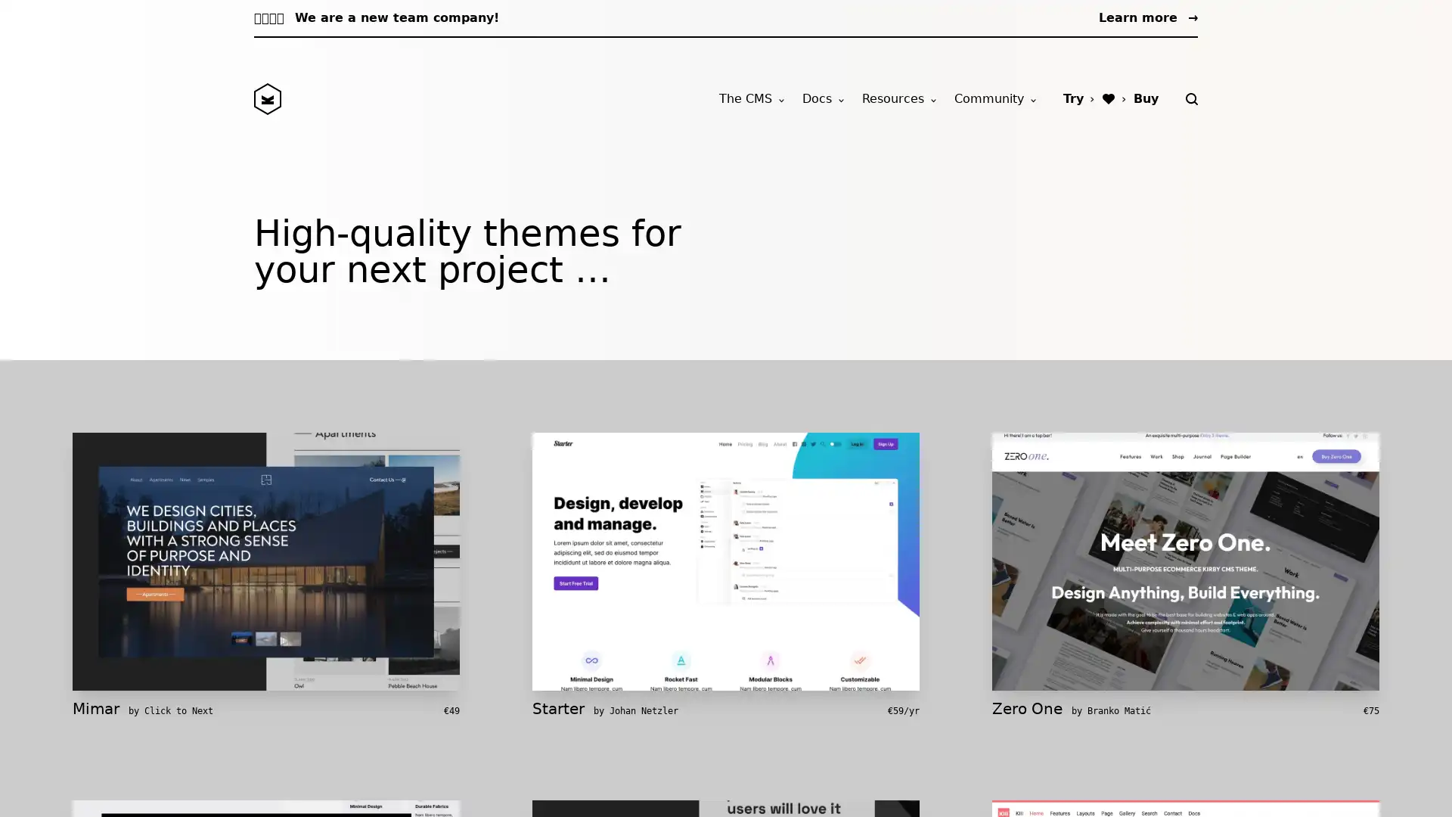 The width and height of the screenshot is (1452, 817). What do you see at coordinates (1190, 99) in the screenshot?
I see `Search` at bounding box center [1190, 99].